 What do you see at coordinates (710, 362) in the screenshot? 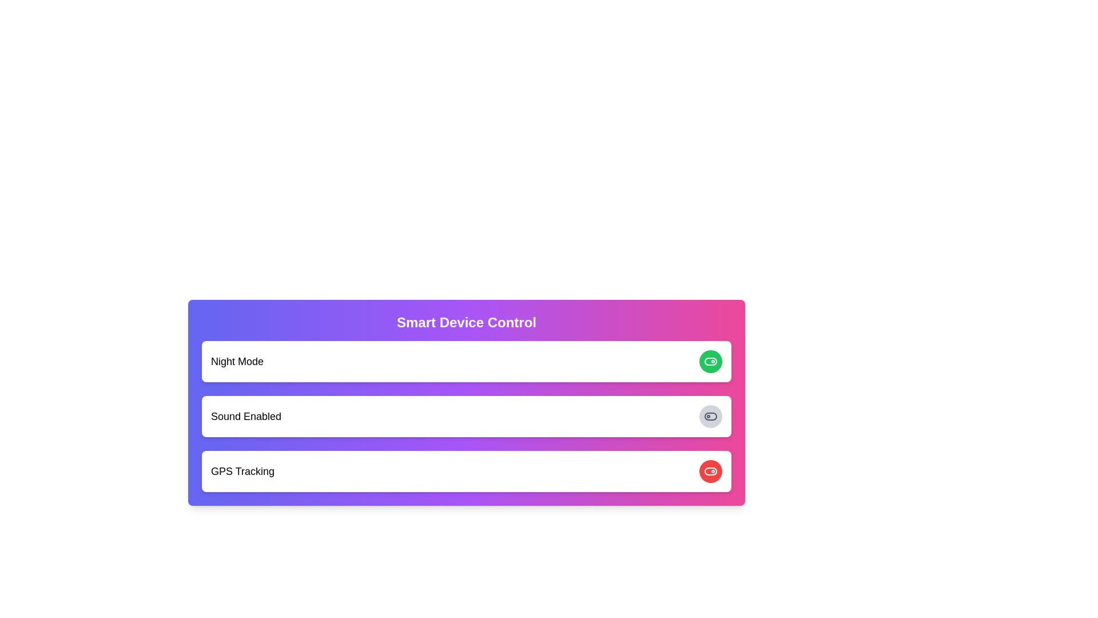
I see `the toggle switch for 'Night Mode' functionality` at bounding box center [710, 362].